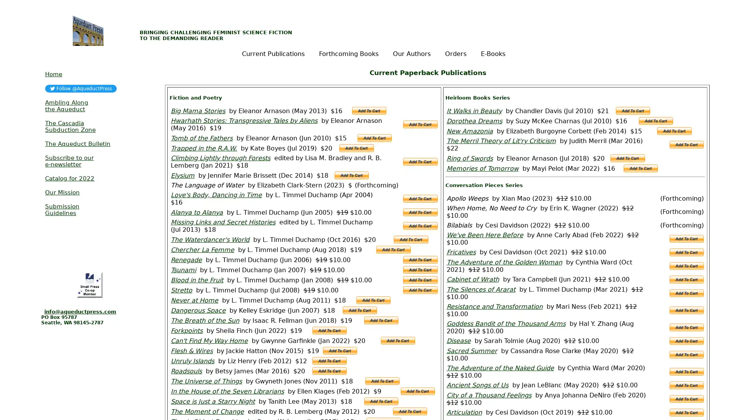 This screenshot has height=420, width=747. What do you see at coordinates (420, 290) in the screenshot?
I see `Make payments with PayPal - it\'s fast, free and secure!` at bounding box center [420, 290].